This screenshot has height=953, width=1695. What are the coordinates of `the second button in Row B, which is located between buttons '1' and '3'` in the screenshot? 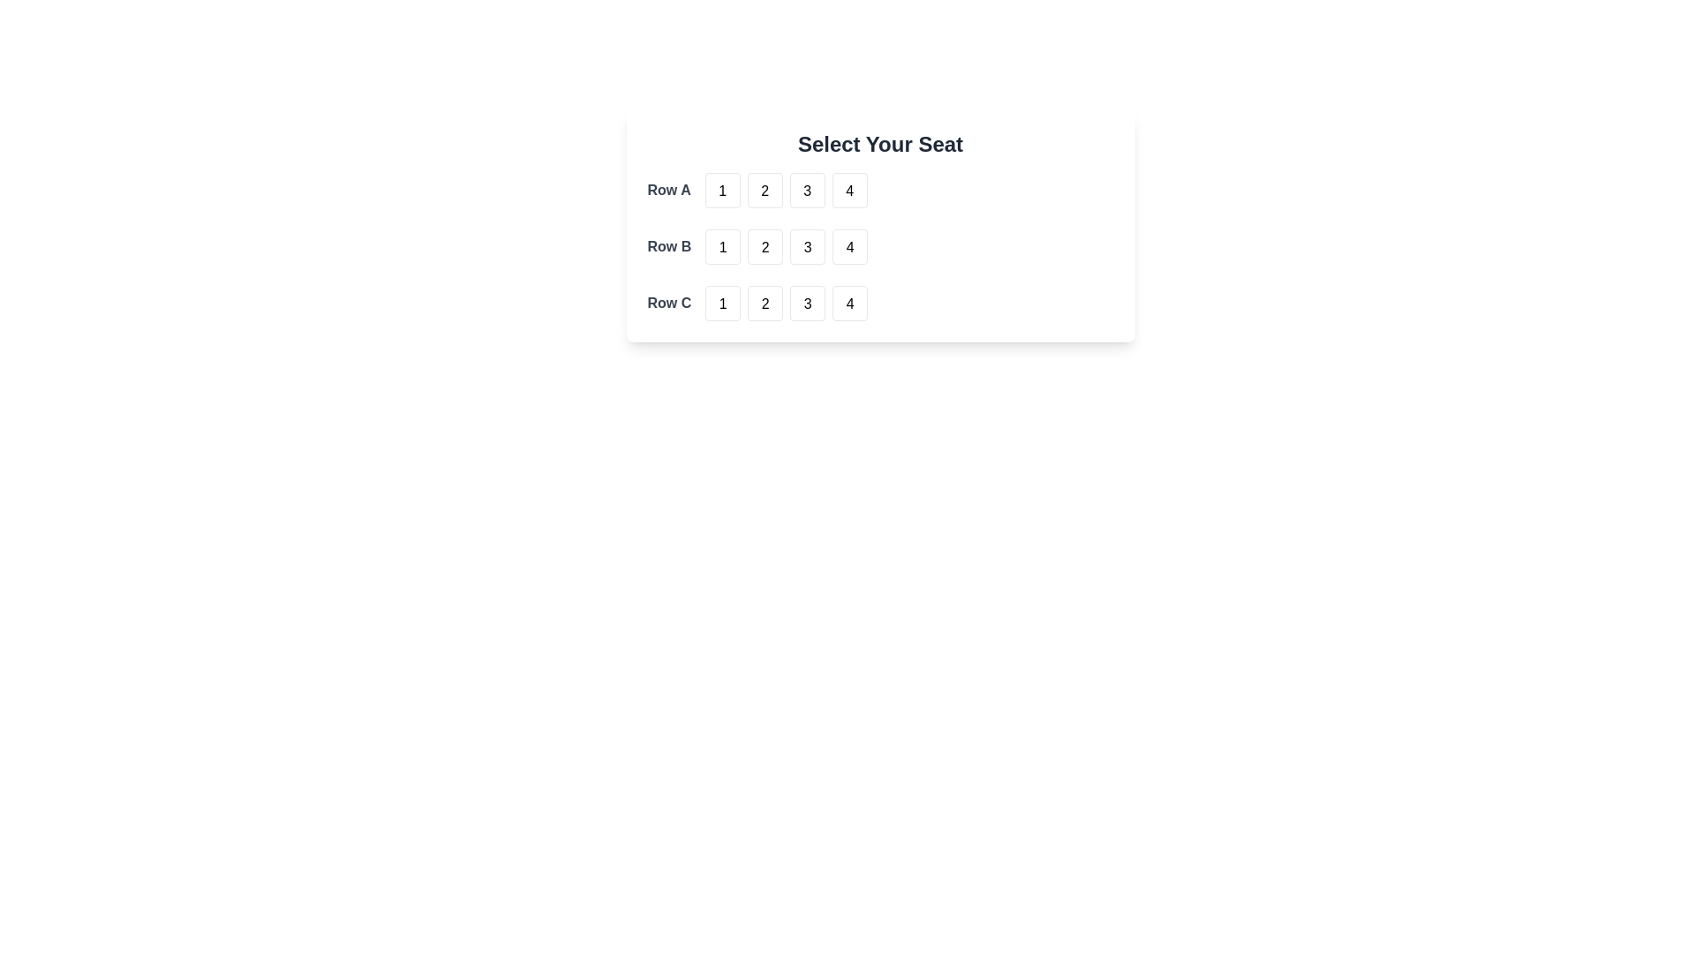 It's located at (765, 247).